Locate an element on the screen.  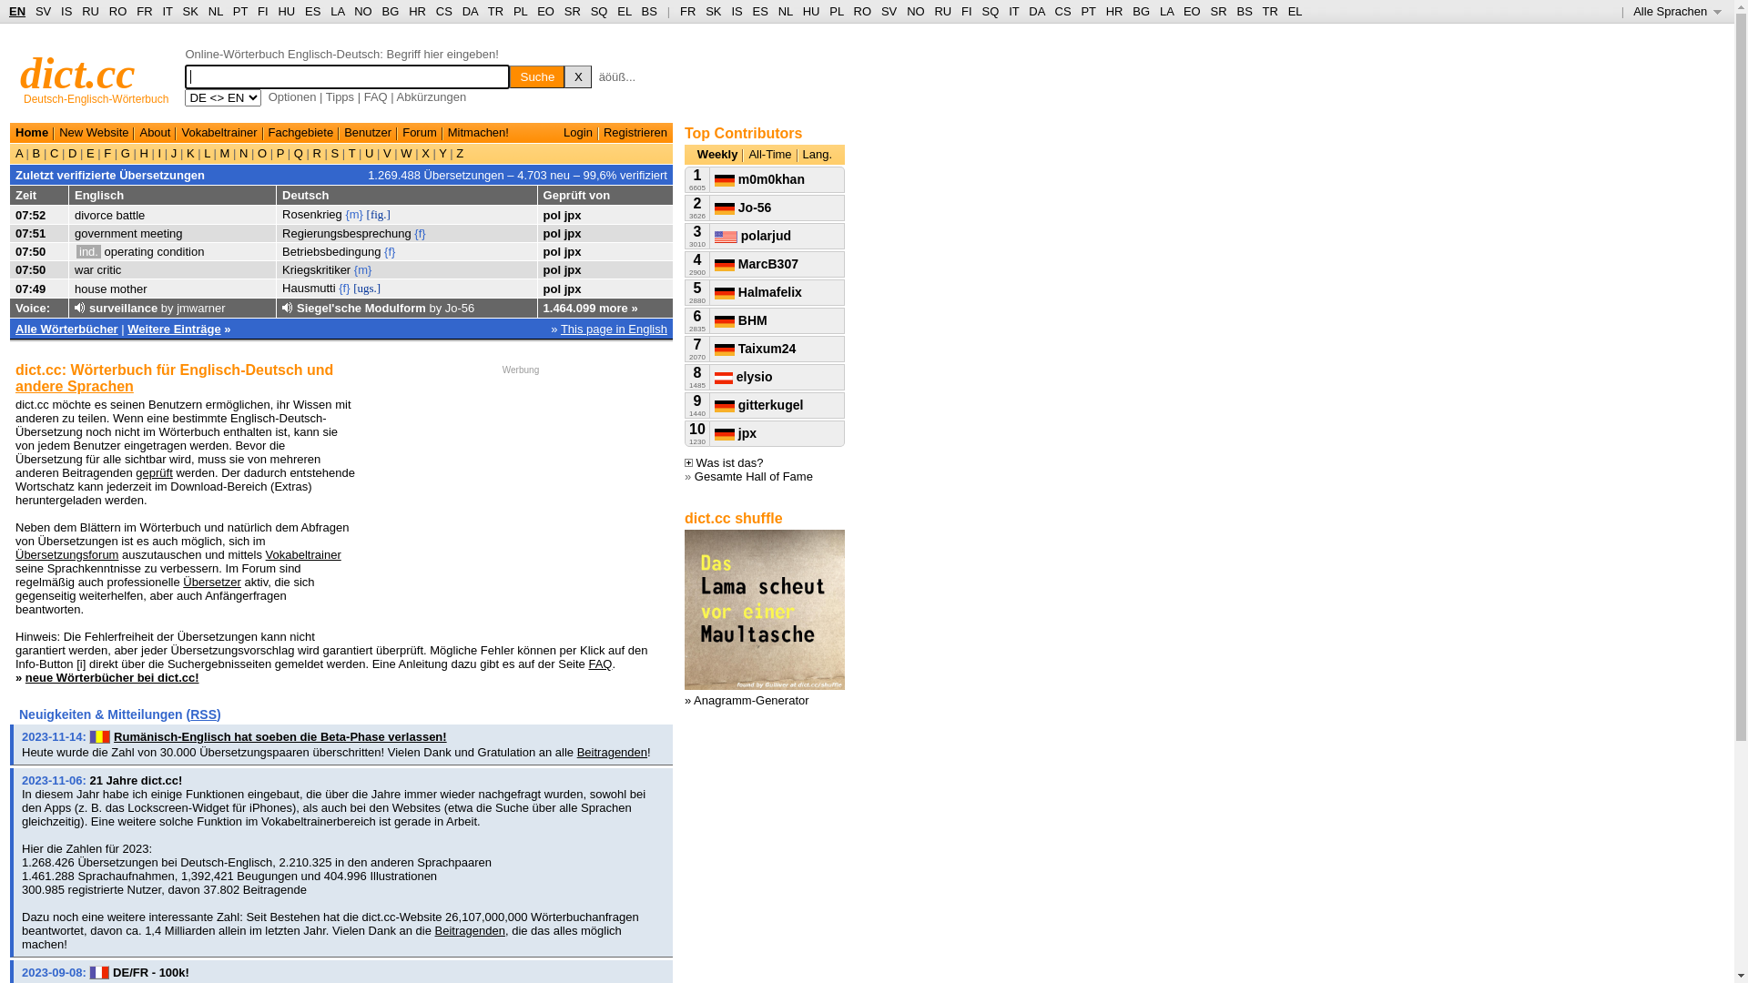
'G' is located at coordinates (124, 152).